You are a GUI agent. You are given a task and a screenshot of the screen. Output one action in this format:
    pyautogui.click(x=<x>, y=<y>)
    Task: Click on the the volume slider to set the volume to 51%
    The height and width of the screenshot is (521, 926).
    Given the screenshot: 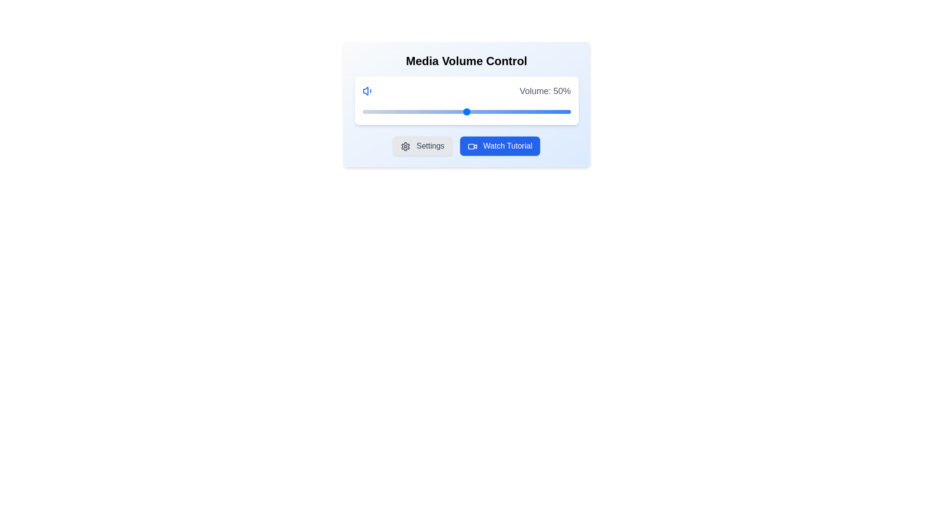 What is the action you would take?
    pyautogui.click(x=468, y=111)
    